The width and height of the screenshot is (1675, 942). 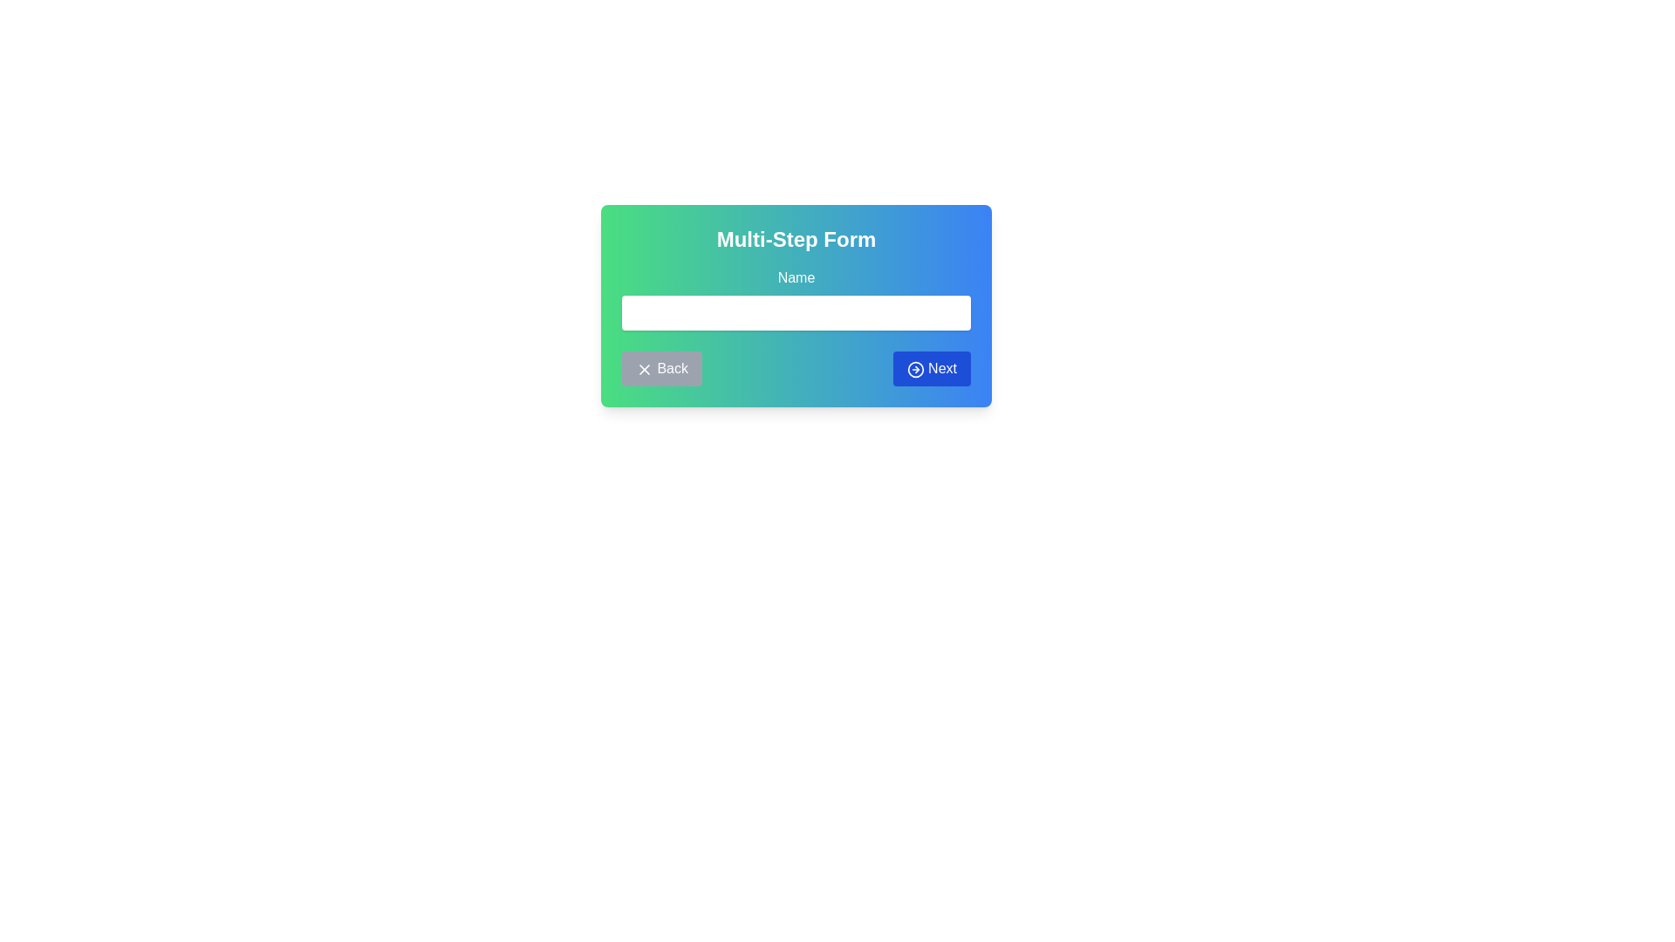 I want to click on the blue 'Next' button with white text and an icon resembling a rightward arrow to proceed to the next step, so click(x=931, y=368).